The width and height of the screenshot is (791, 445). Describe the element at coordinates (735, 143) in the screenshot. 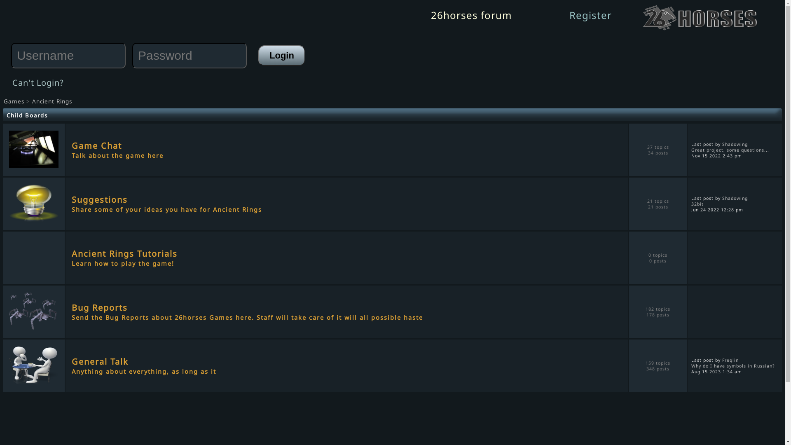

I see `'Shadowing'` at that location.